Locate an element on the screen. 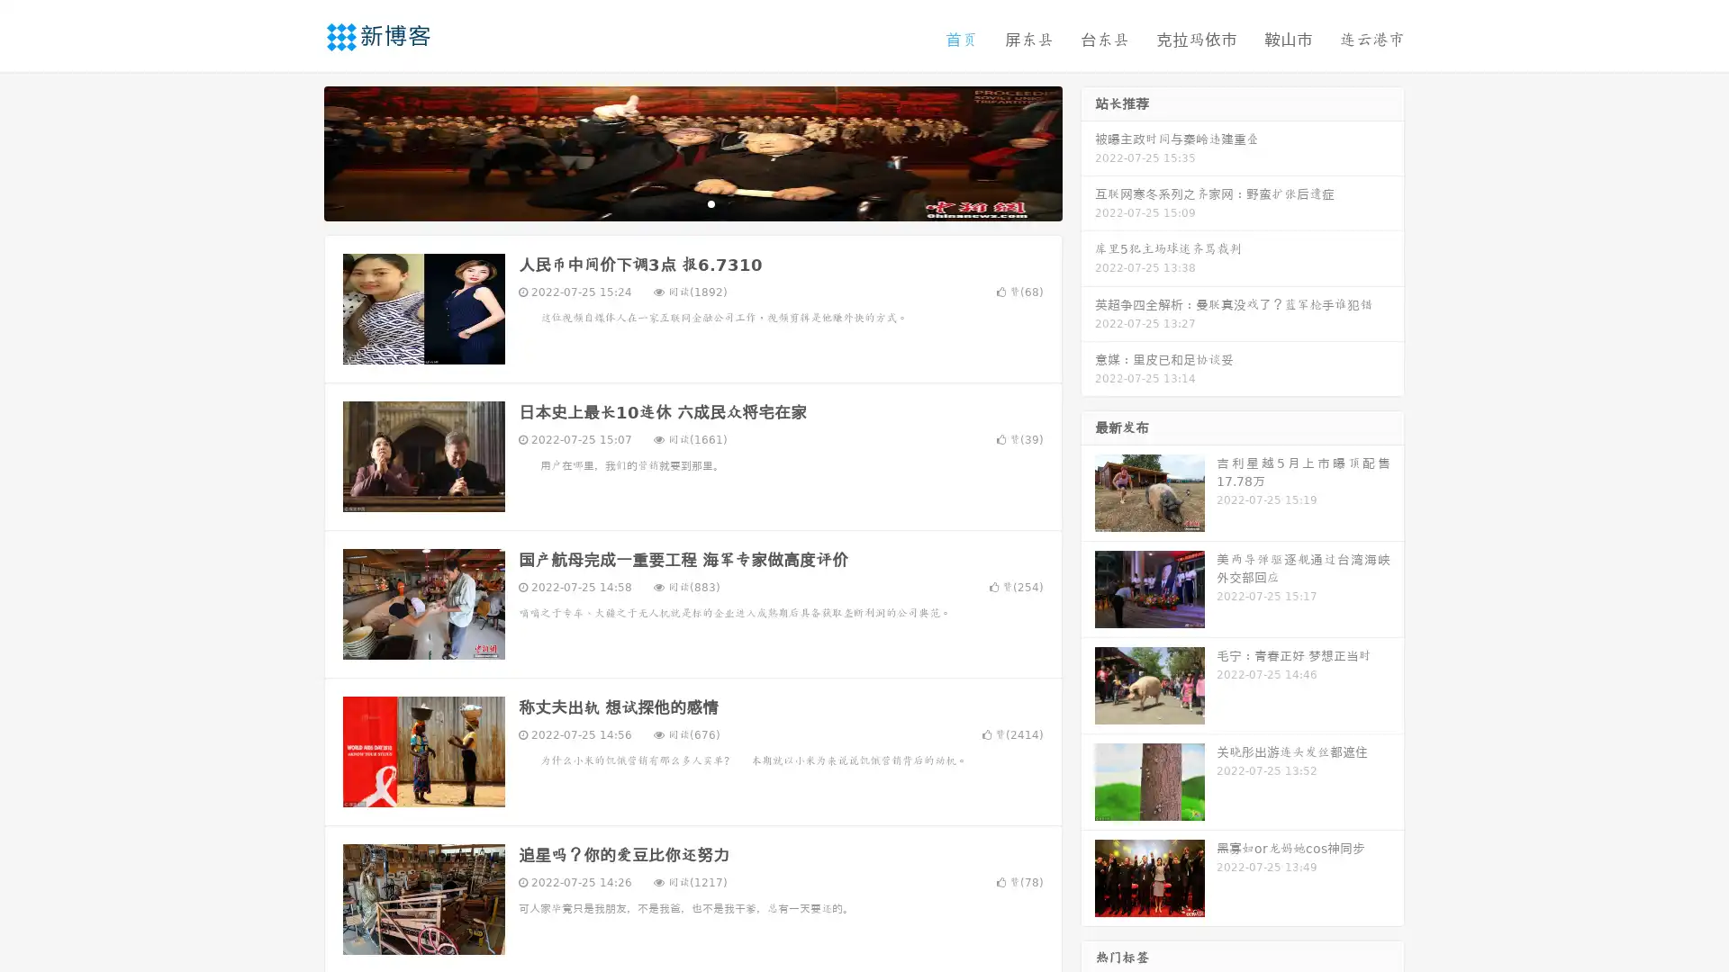 The image size is (1729, 972). Go to slide 3 is located at coordinates (711, 202).